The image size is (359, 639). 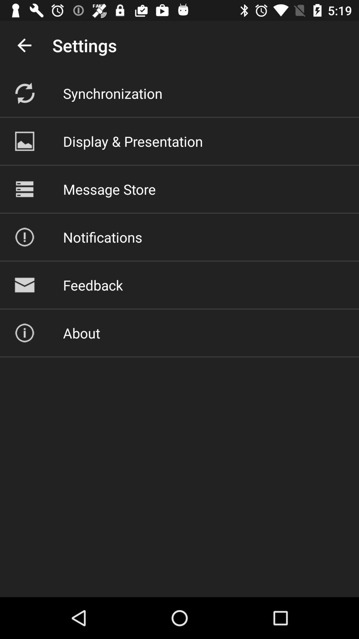 What do you see at coordinates (109, 189) in the screenshot?
I see `item above the notifications` at bounding box center [109, 189].